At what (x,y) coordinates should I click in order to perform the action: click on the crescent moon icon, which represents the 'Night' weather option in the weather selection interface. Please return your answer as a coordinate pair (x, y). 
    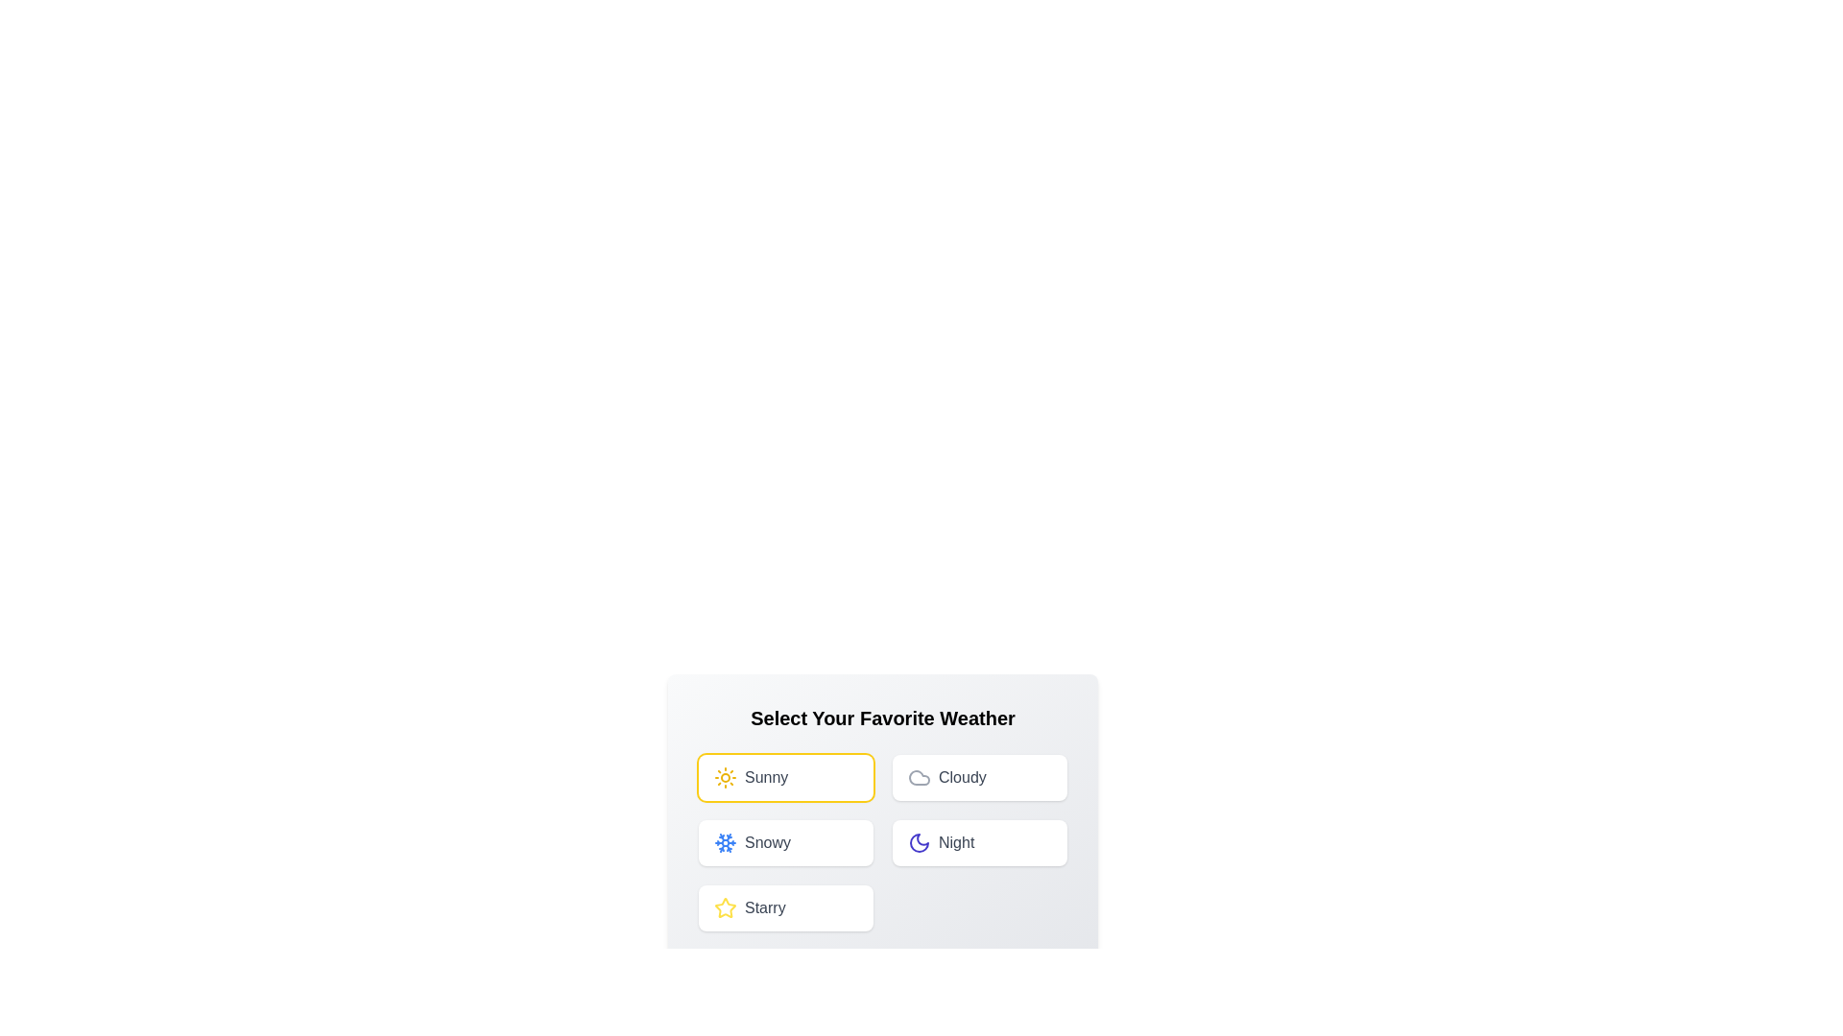
    Looking at the image, I should click on (919, 842).